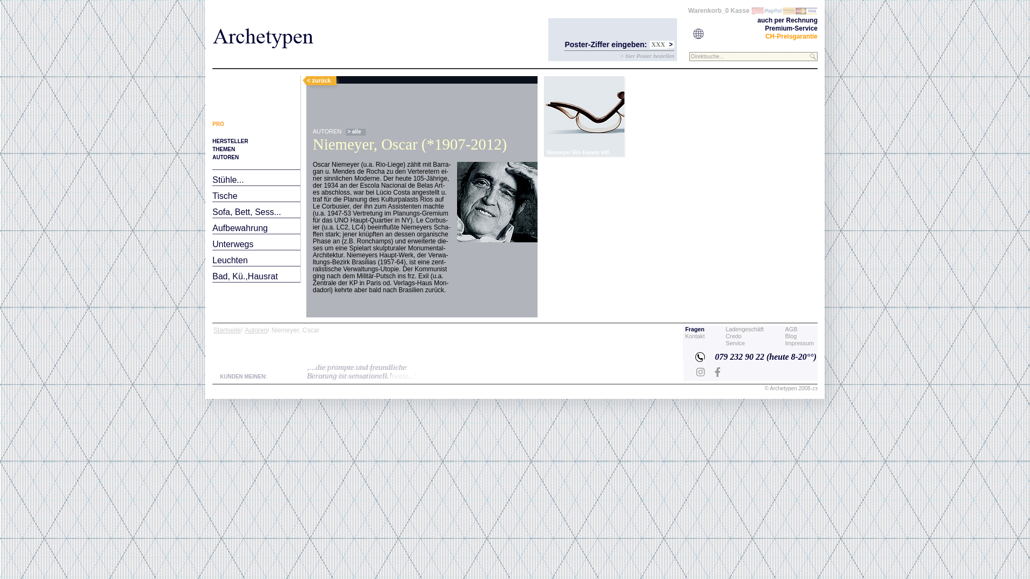 Image resolution: width=1030 pixels, height=579 pixels. Describe the element at coordinates (356, 131) in the screenshot. I see `'> alle'` at that location.